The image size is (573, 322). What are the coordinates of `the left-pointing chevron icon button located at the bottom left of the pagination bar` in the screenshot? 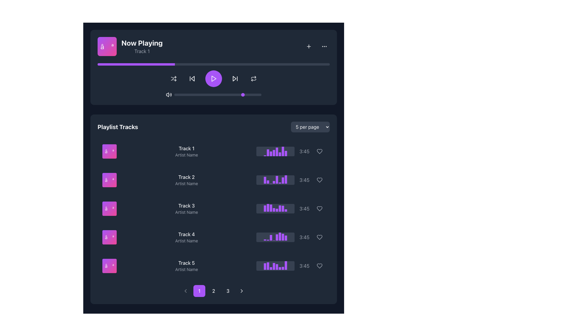 It's located at (185, 290).